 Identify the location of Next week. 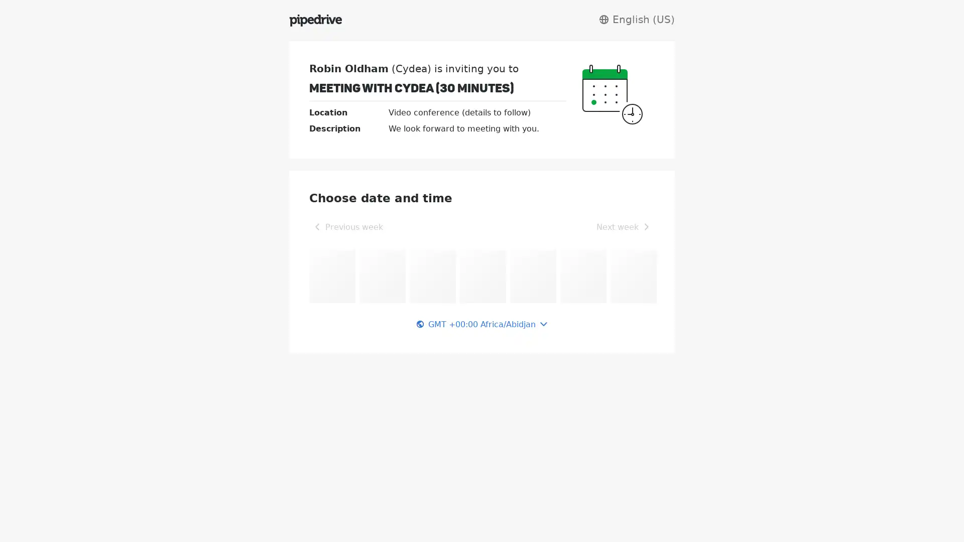
(623, 226).